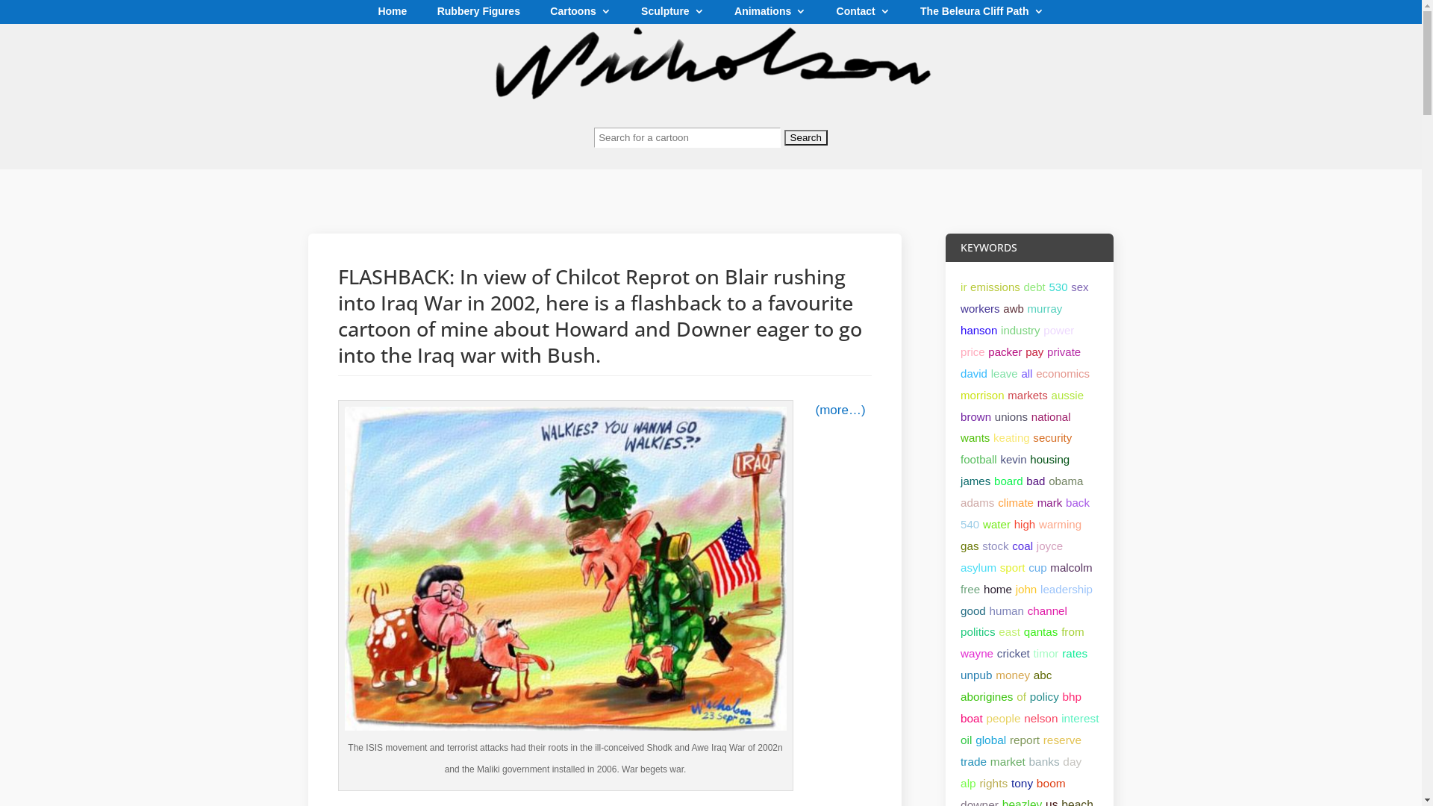 The height and width of the screenshot is (806, 1433). Describe the element at coordinates (975, 416) in the screenshot. I see `'brown'` at that location.